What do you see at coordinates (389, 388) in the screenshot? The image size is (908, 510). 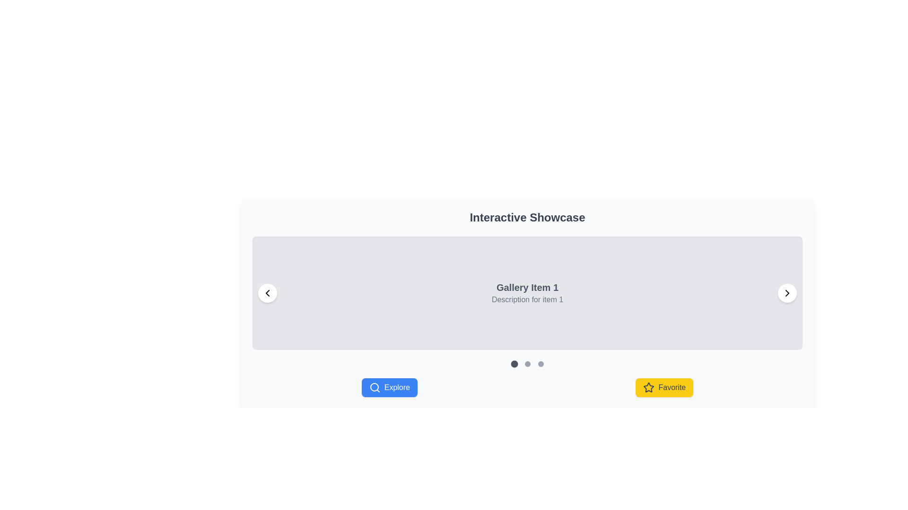 I see `the blue button labeled 'Explore' with white text and a search icon to trigger the hover effect` at bounding box center [389, 388].